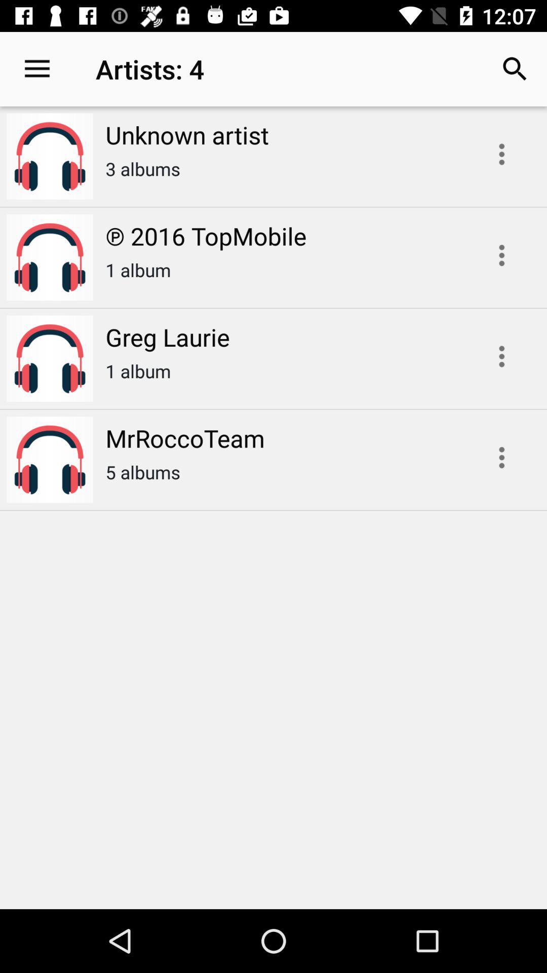 The image size is (547, 973). Describe the element at coordinates (515, 68) in the screenshot. I see `the icon to the right of artists: 4 item` at that location.